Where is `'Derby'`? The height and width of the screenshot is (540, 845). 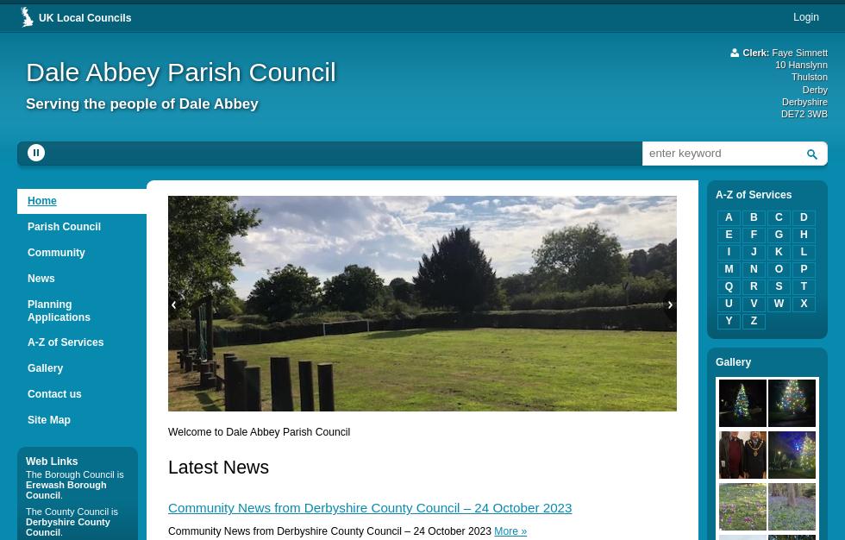
'Derby' is located at coordinates (815, 88).